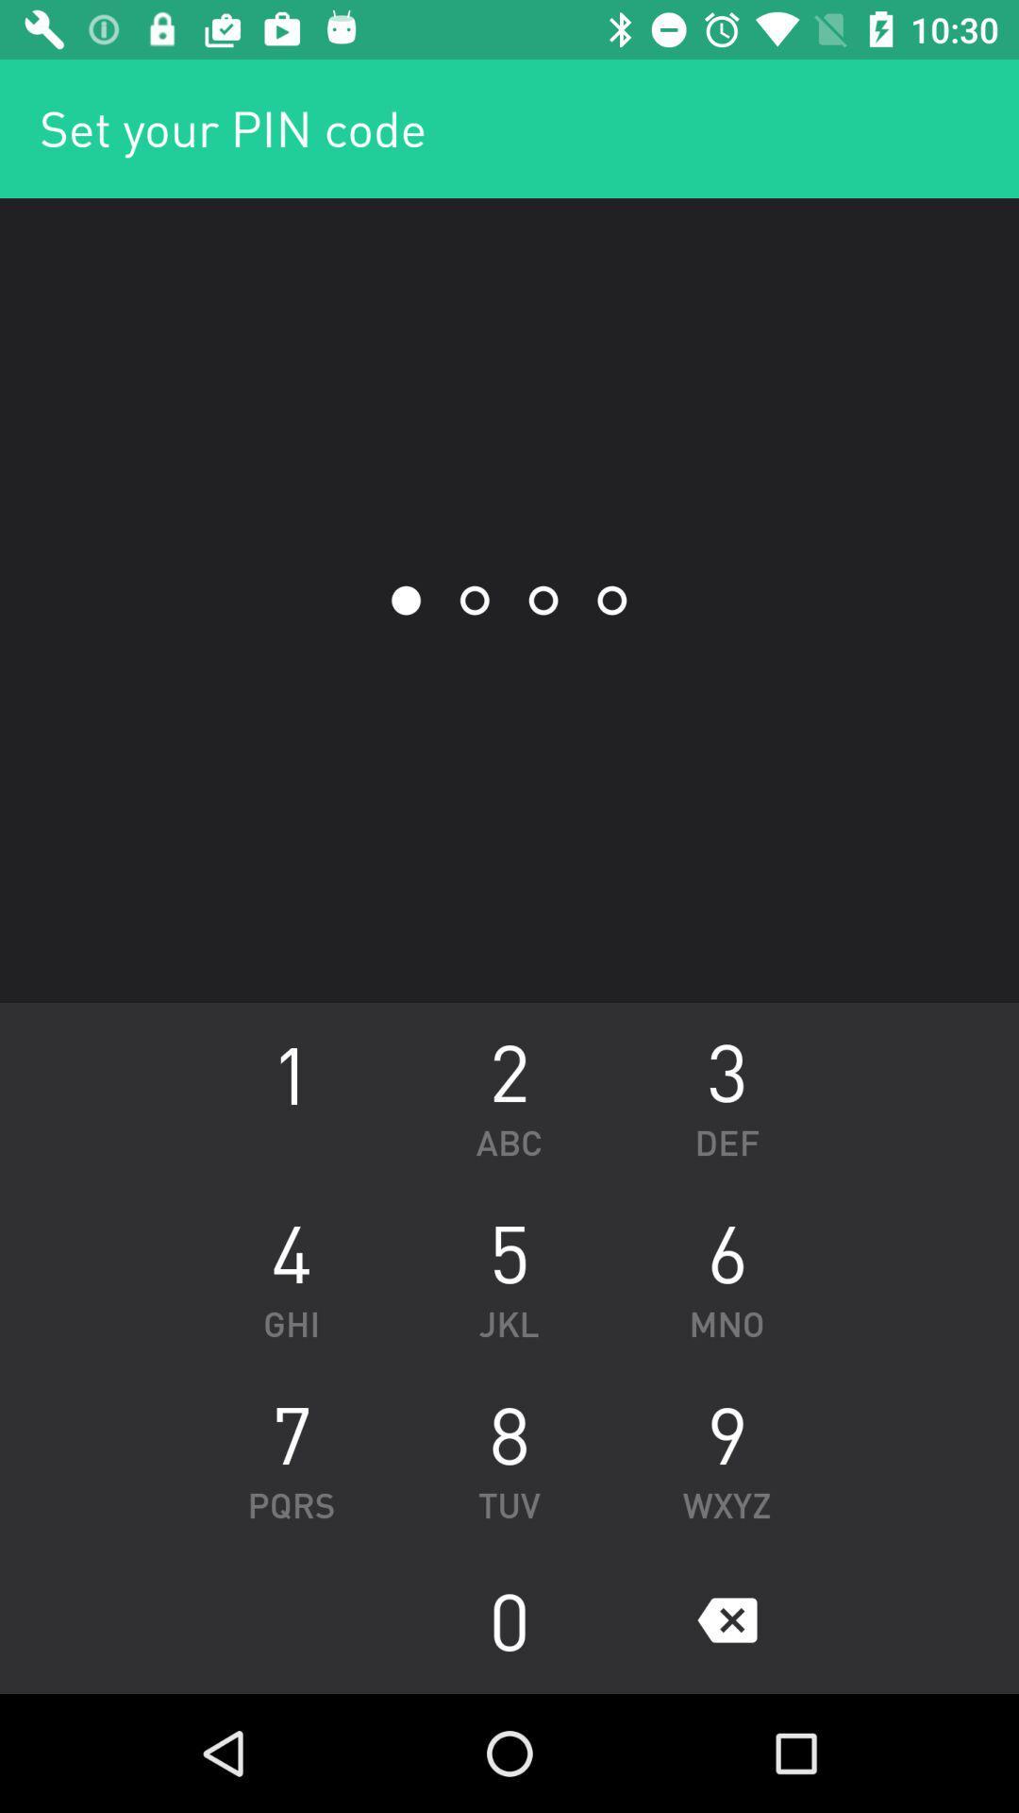 The width and height of the screenshot is (1019, 1813). I want to click on item below the tuv item, so click(509, 1618).